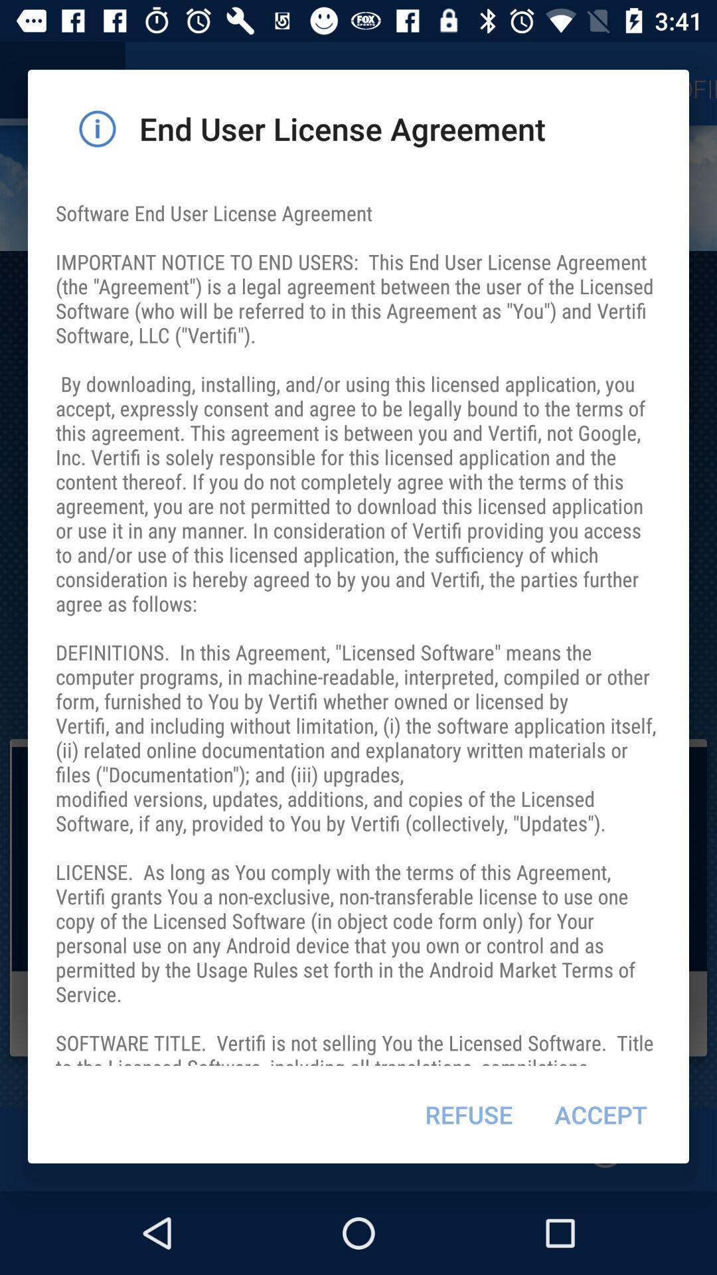 The height and width of the screenshot is (1275, 717). What do you see at coordinates (601, 1114) in the screenshot?
I see `icon below software end user` at bounding box center [601, 1114].